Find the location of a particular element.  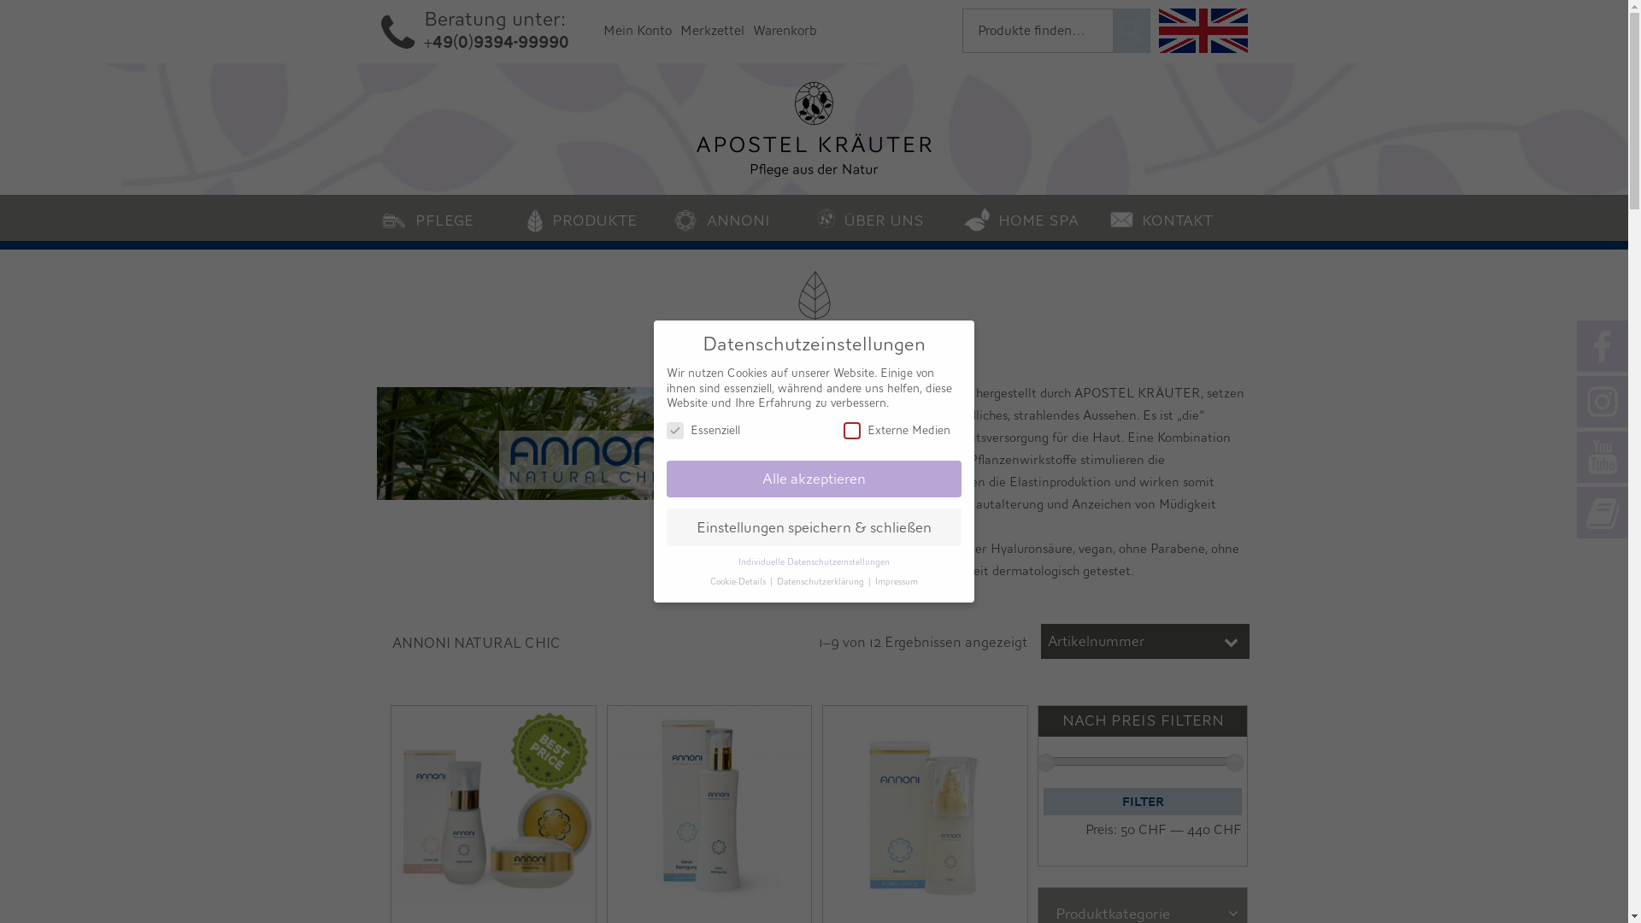

'ANNONI' is located at coordinates (741, 216).